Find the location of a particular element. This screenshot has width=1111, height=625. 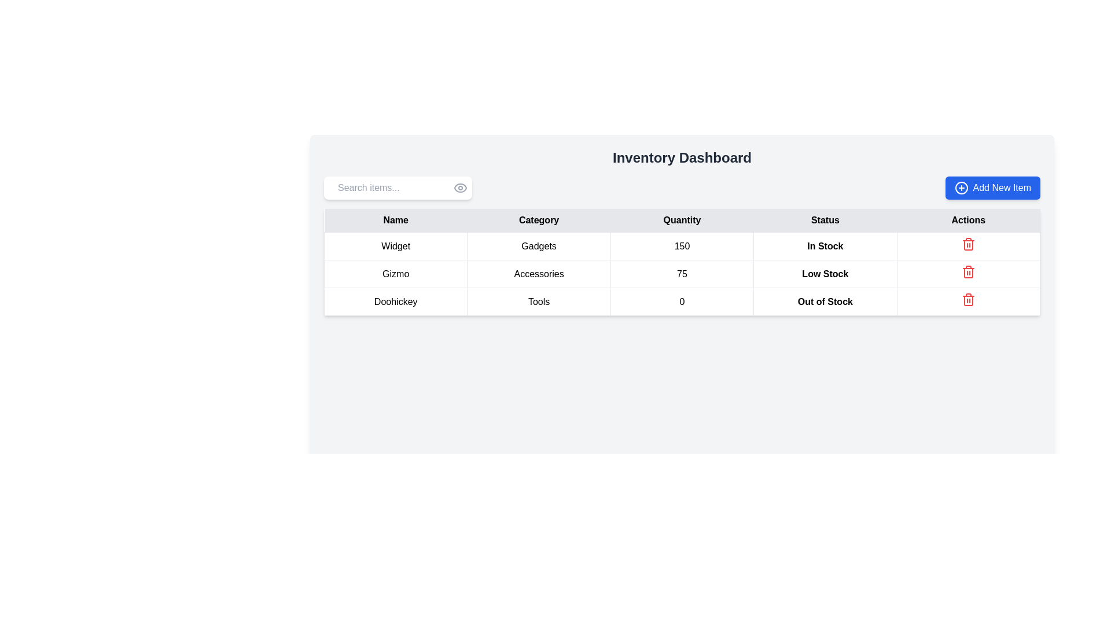

the decorative icon within the 'Add New Item' button located in the top-right corner of the interface is located at coordinates (961, 187).